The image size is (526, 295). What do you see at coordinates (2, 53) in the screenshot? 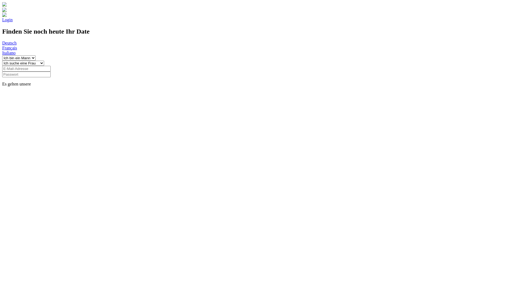
I see `'Italiano'` at bounding box center [2, 53].